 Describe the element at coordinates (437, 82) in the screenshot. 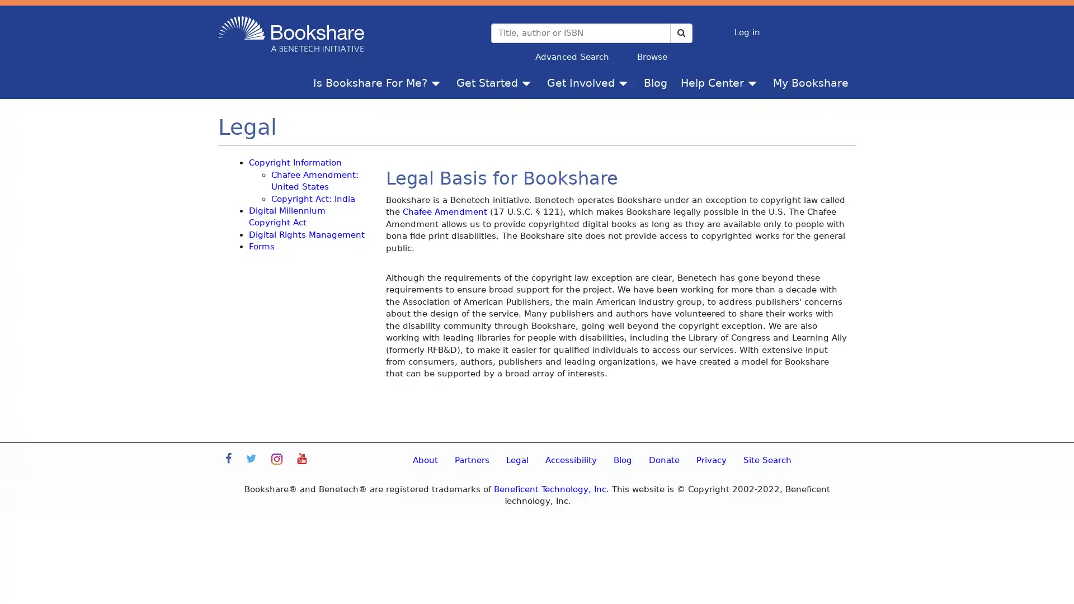

I see `Is Bookshare For Me? menu` at that location.